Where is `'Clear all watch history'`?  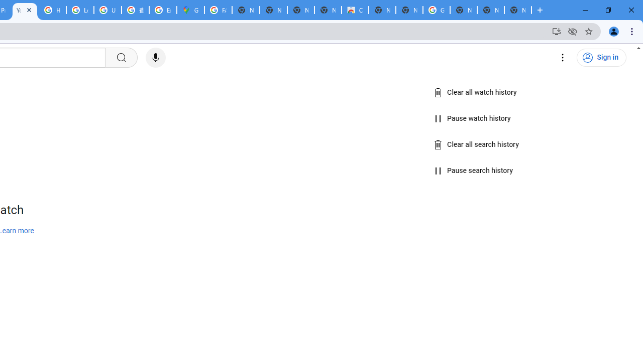
'Clear all watch history' is located at coordinates (475, 93).